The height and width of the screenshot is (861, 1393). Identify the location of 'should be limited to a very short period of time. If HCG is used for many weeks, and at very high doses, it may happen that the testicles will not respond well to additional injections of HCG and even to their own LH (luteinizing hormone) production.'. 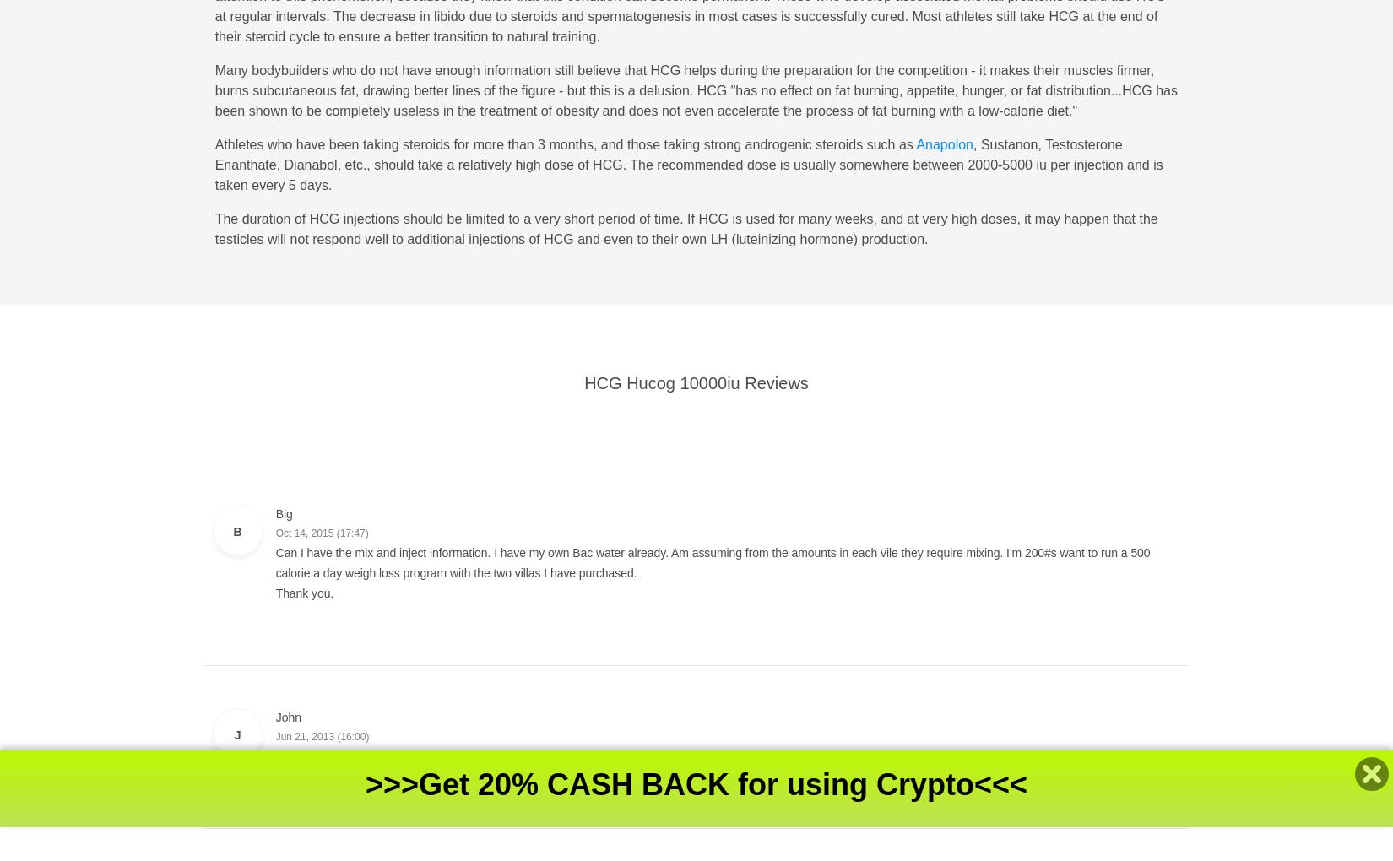
(214, 228).